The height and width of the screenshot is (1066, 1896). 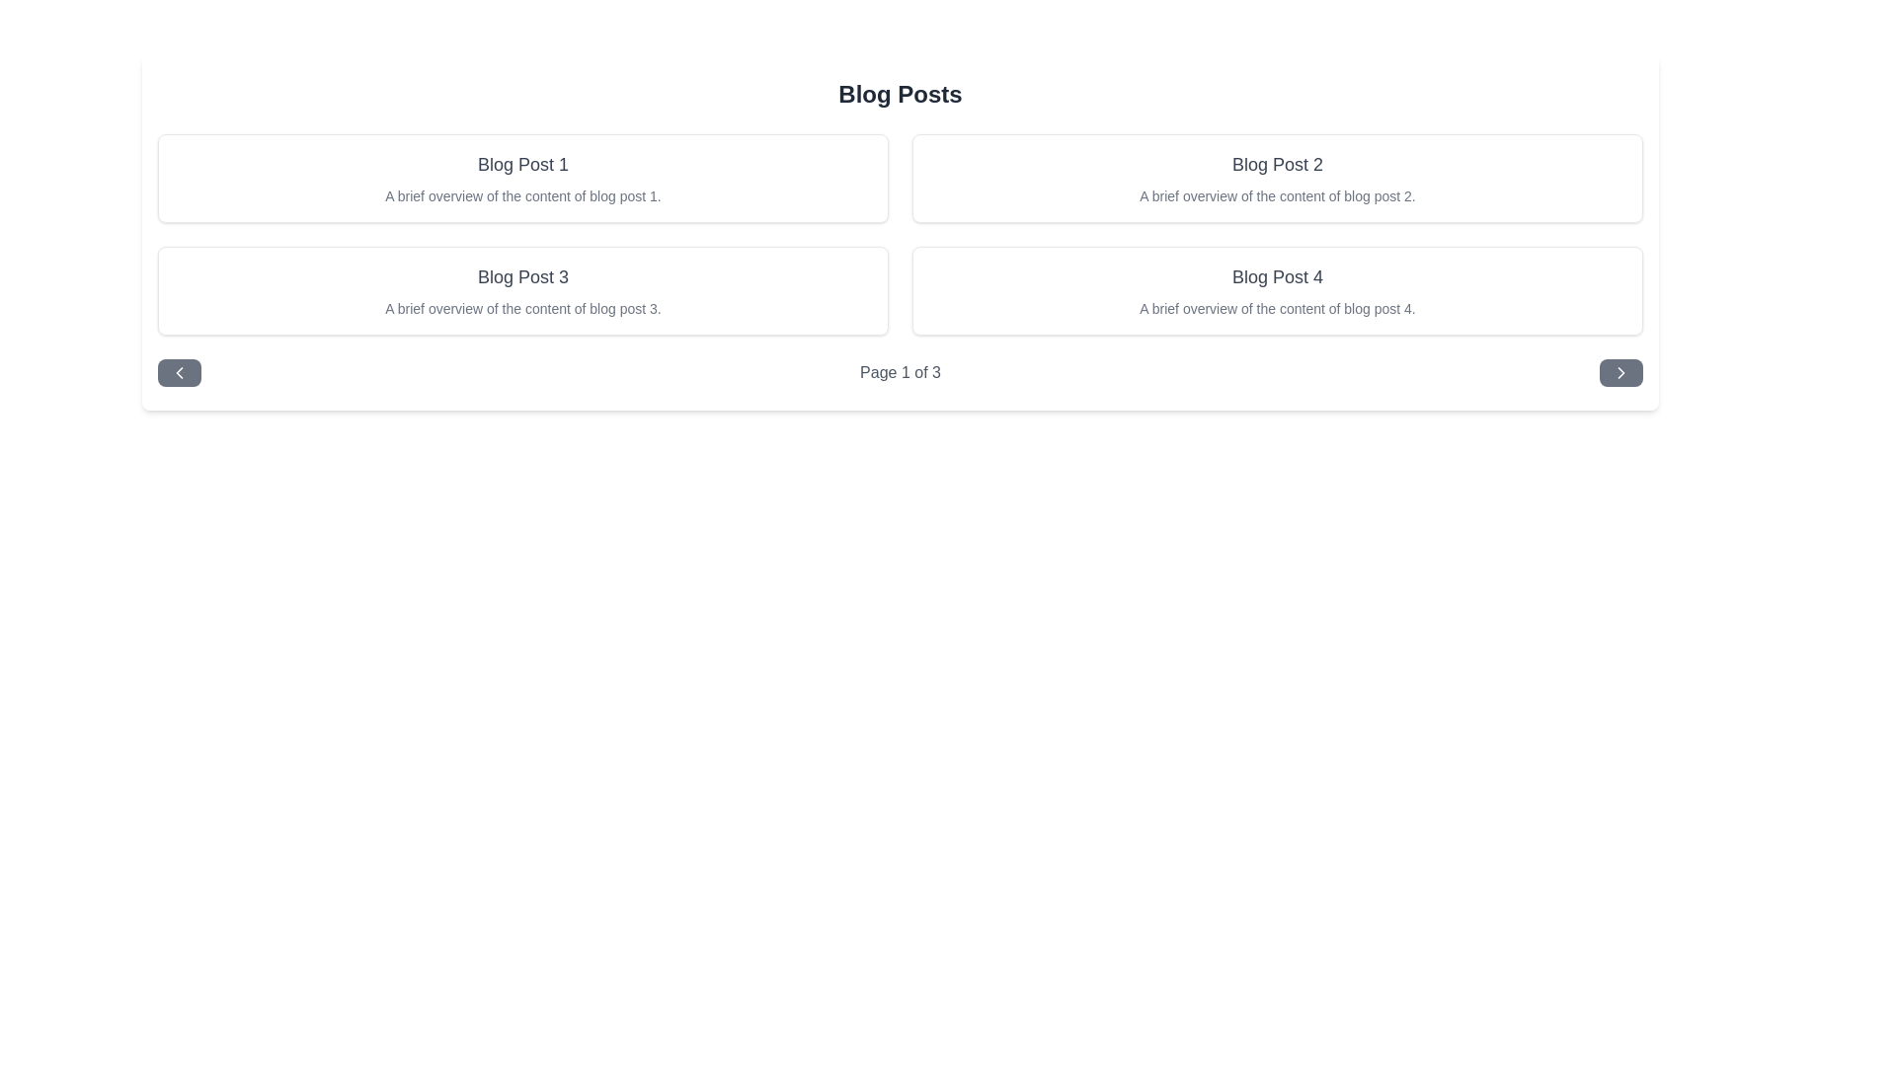 I want to click on the title of the first blog post summary card located at the top-left corner of the grid, so click(x=522, y=179).